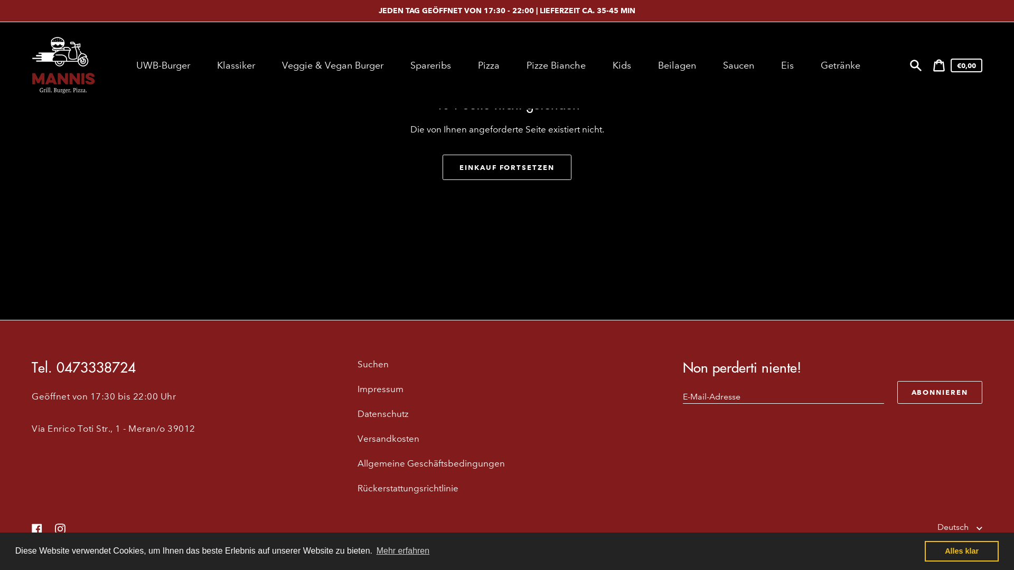 Image resolution: width=1014 pixels, height=570 pixels. I want to click on 'Suchen', so click(915, 65).